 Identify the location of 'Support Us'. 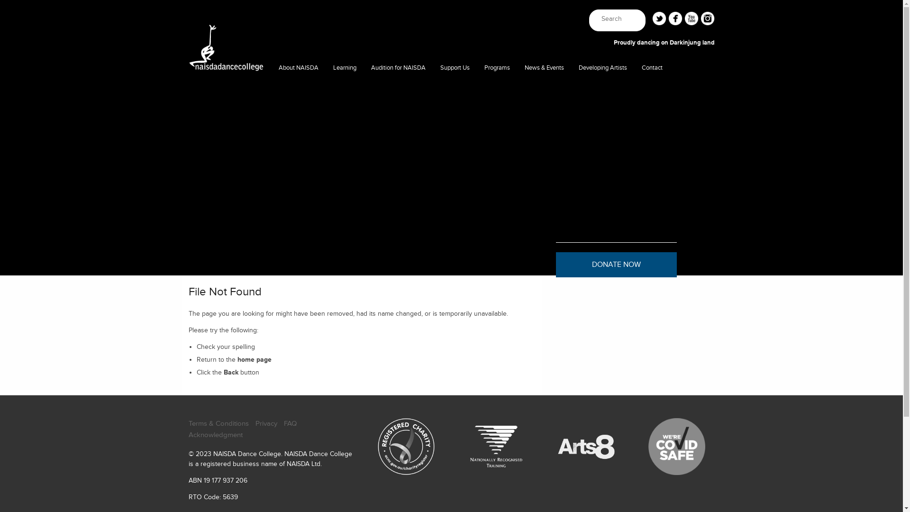
(455, 67).